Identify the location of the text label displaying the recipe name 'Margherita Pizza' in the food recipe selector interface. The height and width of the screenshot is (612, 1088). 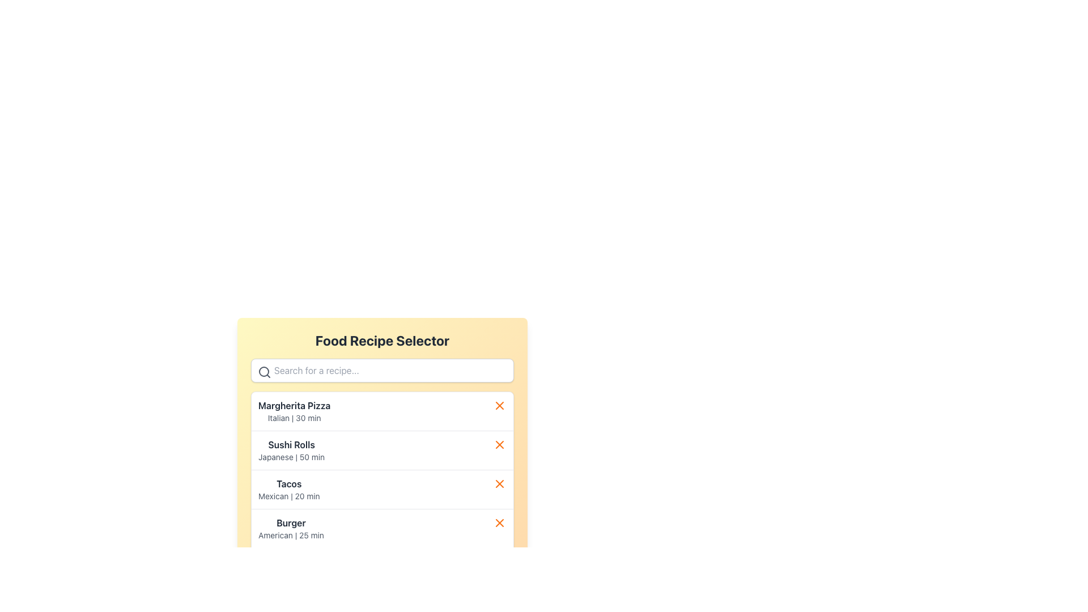
(294, 405).